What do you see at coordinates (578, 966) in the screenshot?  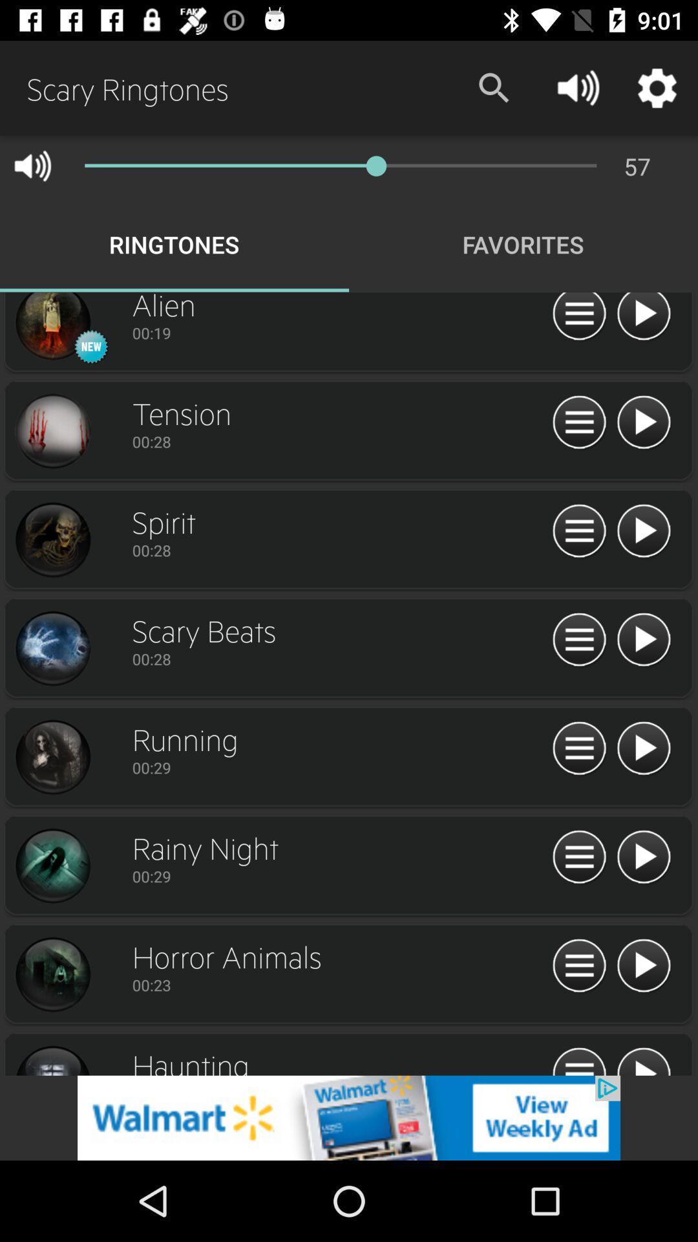 I see `open ringtone` at bounding box center [578, 966].